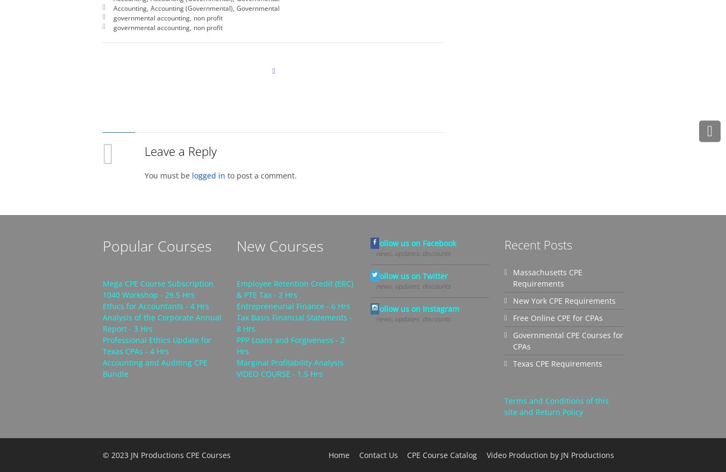  Describe the element at coordinates (568, 340) in the screenshot. I see `'Governmental CPE Courses for CPAs'` at that location.